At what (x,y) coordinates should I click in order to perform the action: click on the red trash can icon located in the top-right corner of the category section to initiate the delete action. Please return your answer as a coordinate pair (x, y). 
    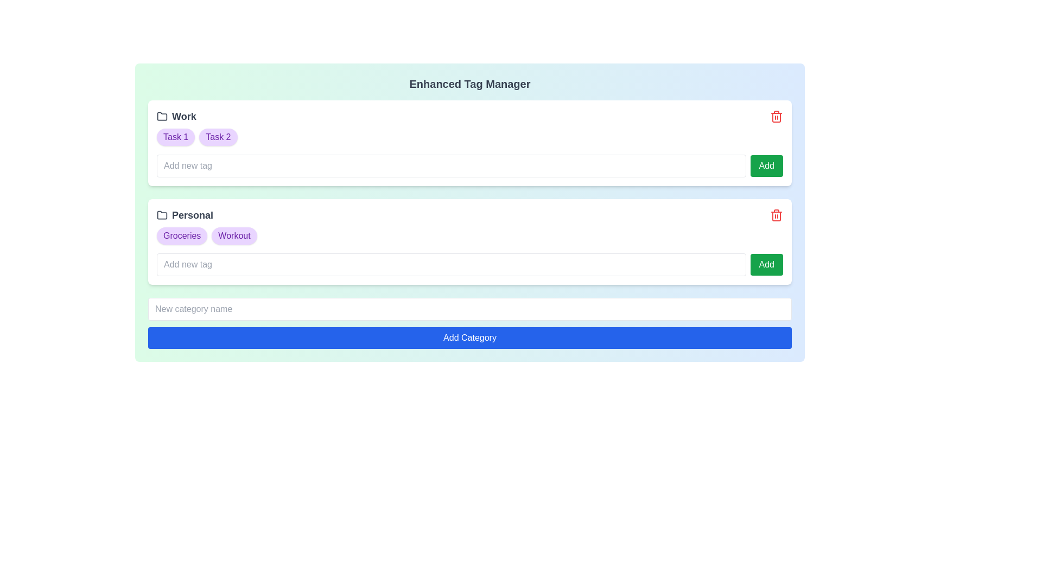
    Looking at the image, I should click on (776, 216).